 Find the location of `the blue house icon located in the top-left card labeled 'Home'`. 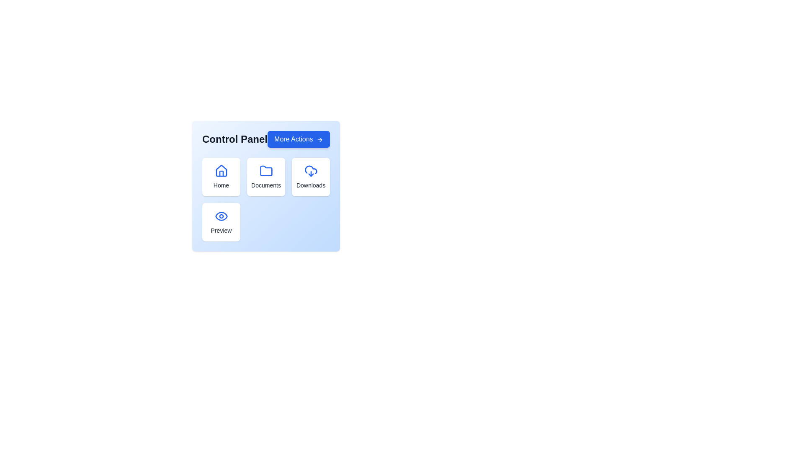

the blue house icon located in the top-left card labeled 'Home' is located at coordinates (221, 170).